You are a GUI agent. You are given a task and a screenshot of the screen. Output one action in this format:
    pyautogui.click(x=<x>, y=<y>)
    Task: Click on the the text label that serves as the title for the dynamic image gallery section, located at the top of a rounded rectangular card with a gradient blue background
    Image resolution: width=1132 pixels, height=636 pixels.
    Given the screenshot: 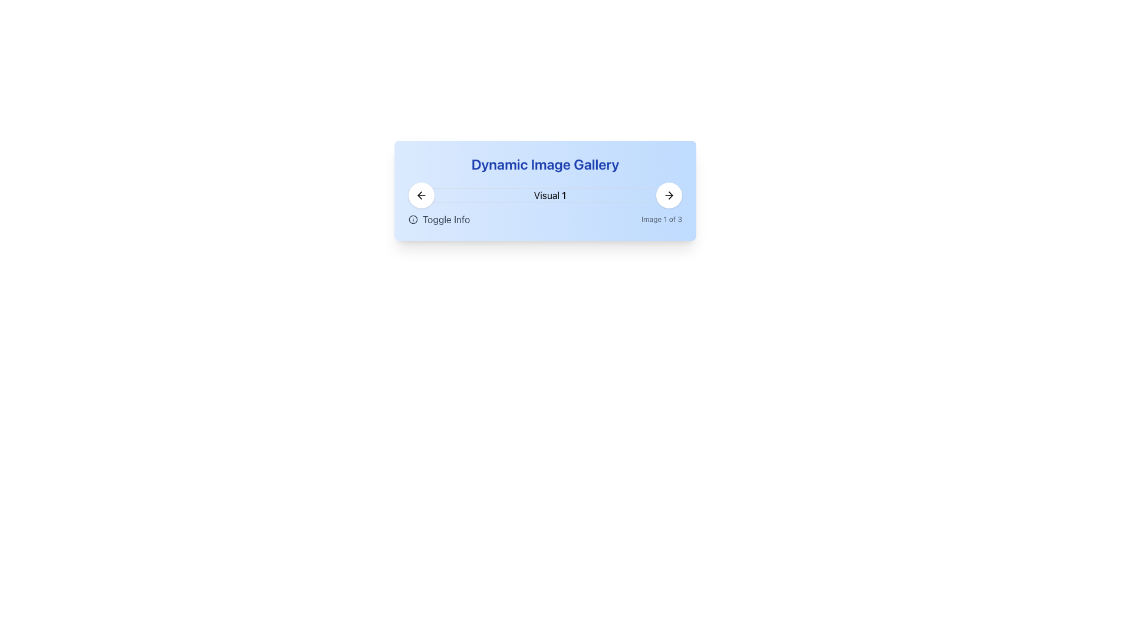 What is the action you would take?
    pyautogui.click(x=545, y=164)
    